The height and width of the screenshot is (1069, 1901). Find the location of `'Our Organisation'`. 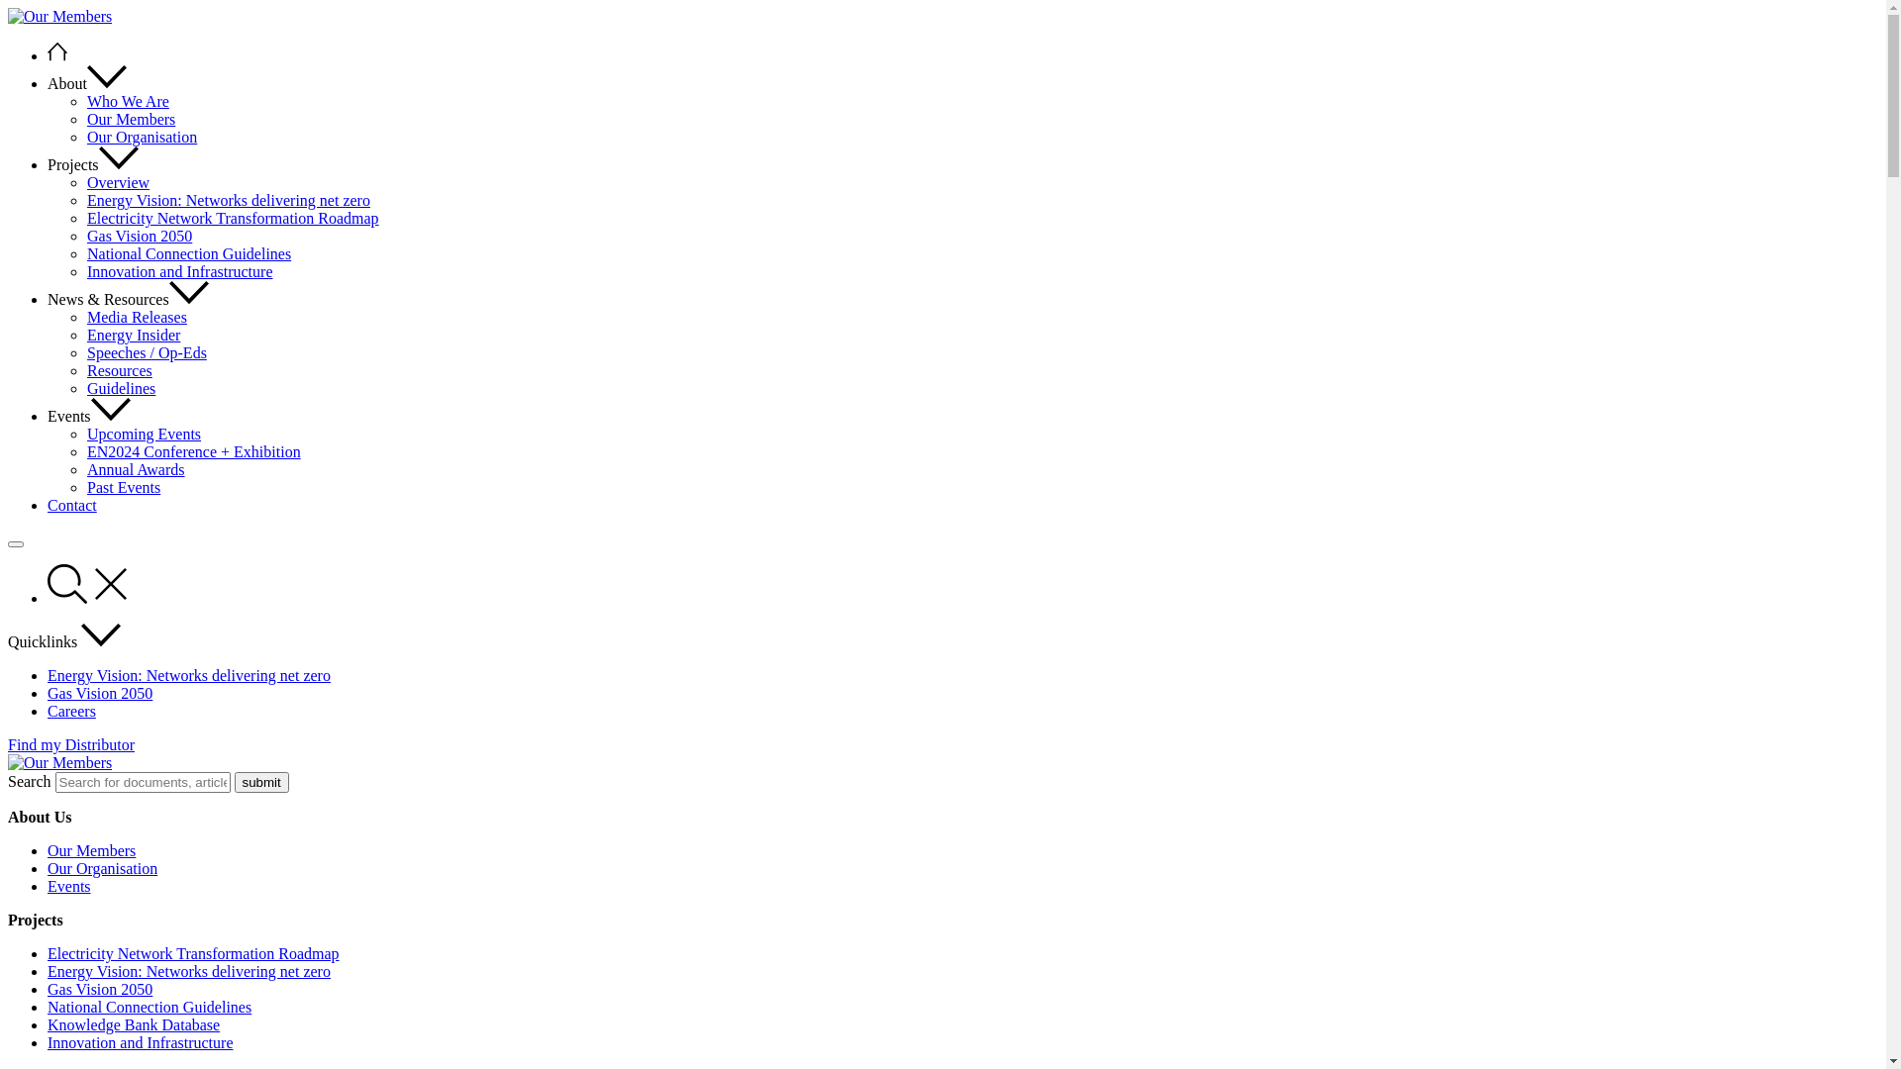

'Our Organisation' is located at coordinates (101, 867).